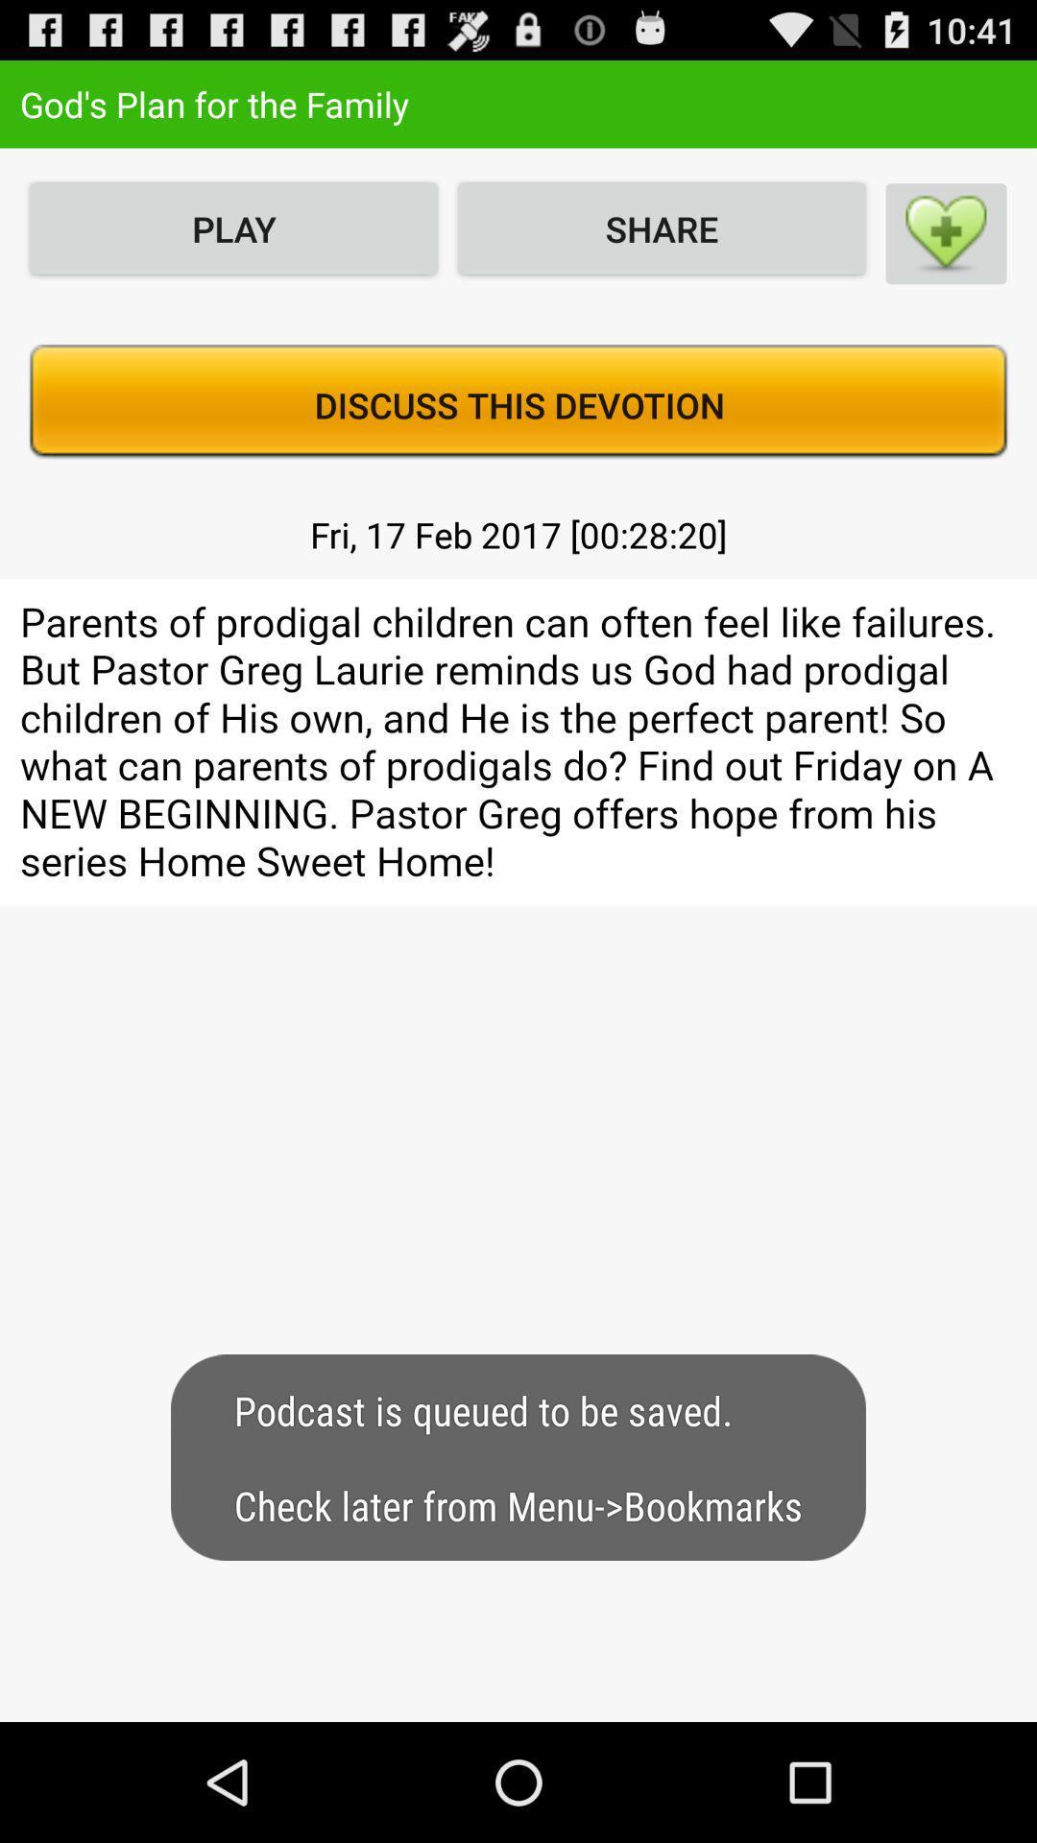 This screenshot has height=1843, width=1037. I want to click on the favorite icon, so click(945, 249).